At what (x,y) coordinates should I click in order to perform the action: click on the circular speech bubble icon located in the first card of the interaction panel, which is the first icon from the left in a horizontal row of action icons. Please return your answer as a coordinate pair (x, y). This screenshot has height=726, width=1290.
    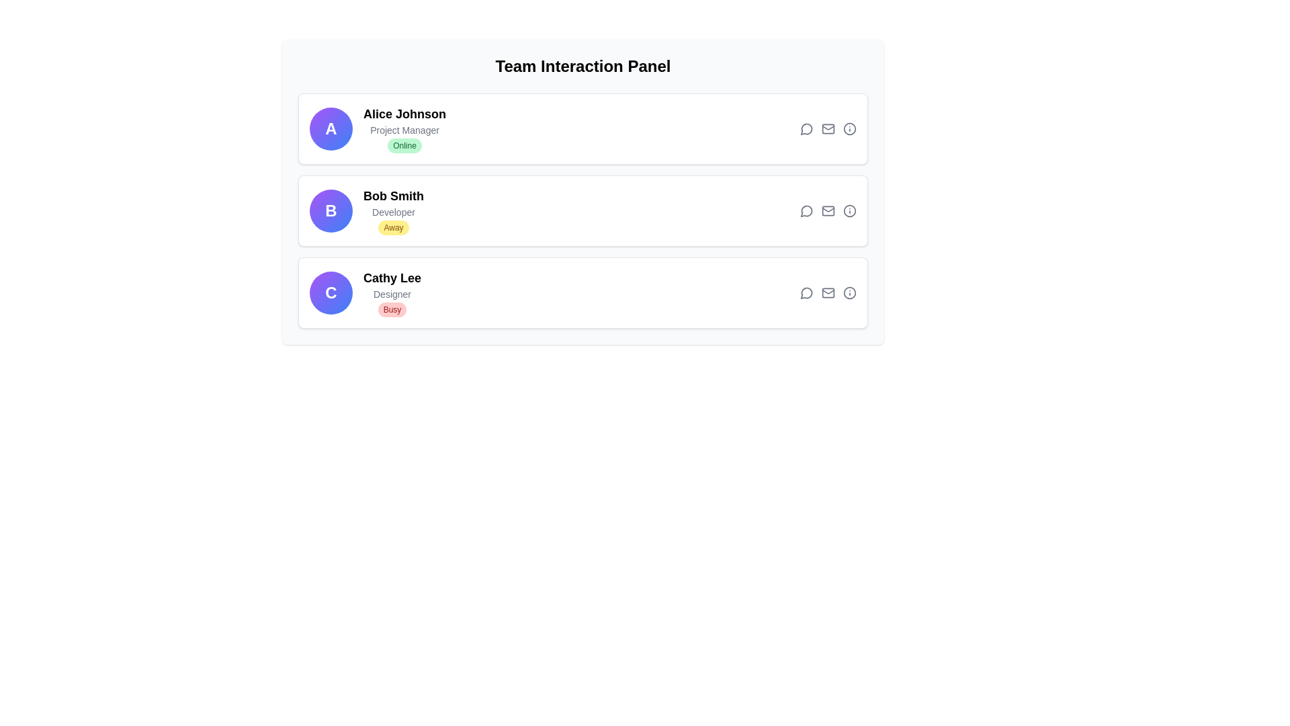
    Looking at the image, I should click on (806, 129).